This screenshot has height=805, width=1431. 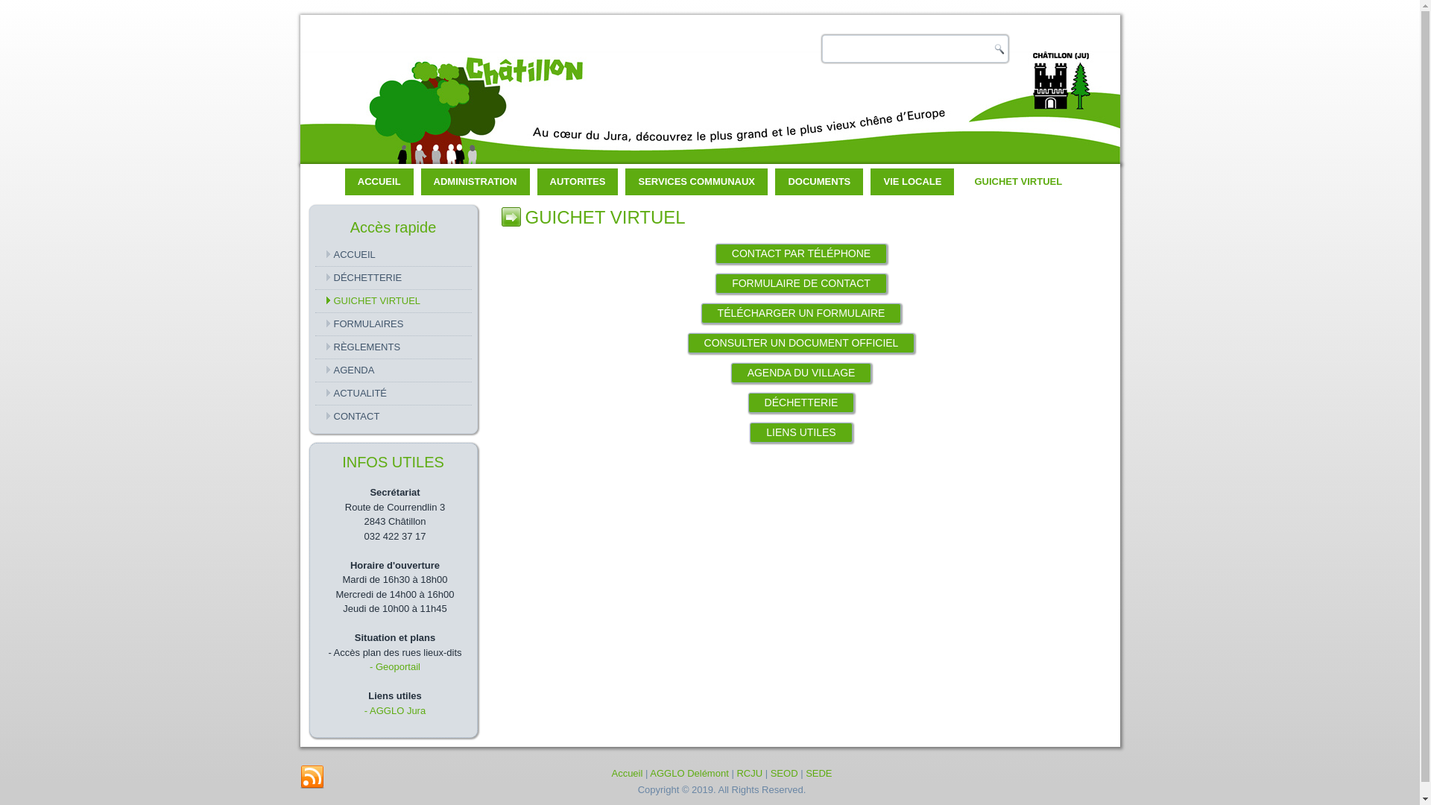 What do you see at coordinates (393, 370) in the screenshot?
I see `'AGENDA'` at bounding box center [393, 370].